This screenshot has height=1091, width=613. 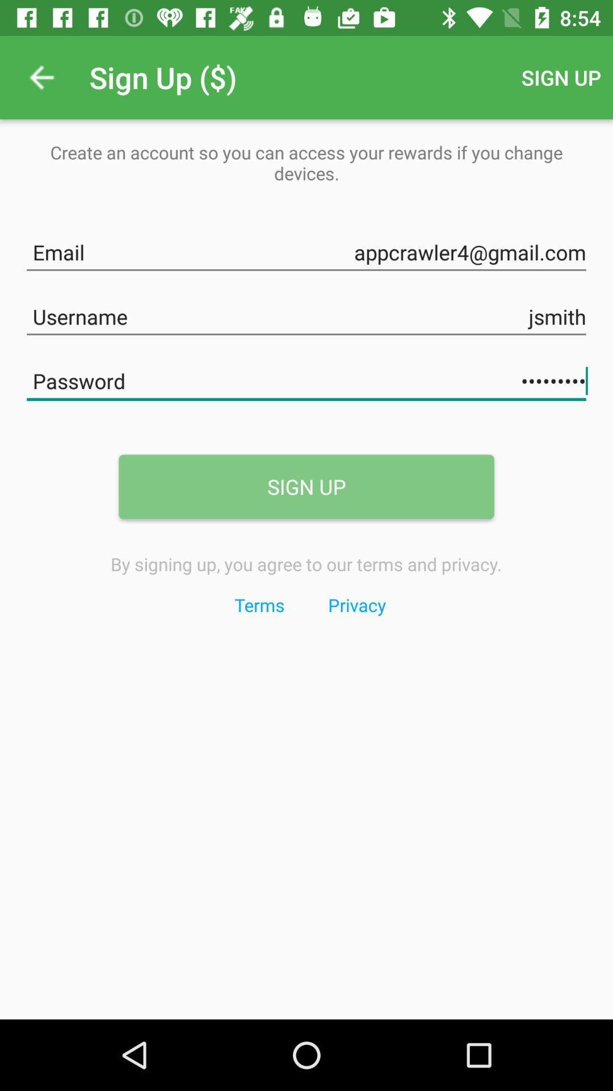 I want to click on jsmith, so click(x=306, y=314).